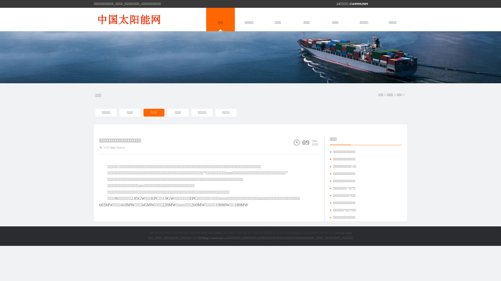 The height and width of the screenshot is (281, 501). I want to click on 'sitemap', so click(334, 232).